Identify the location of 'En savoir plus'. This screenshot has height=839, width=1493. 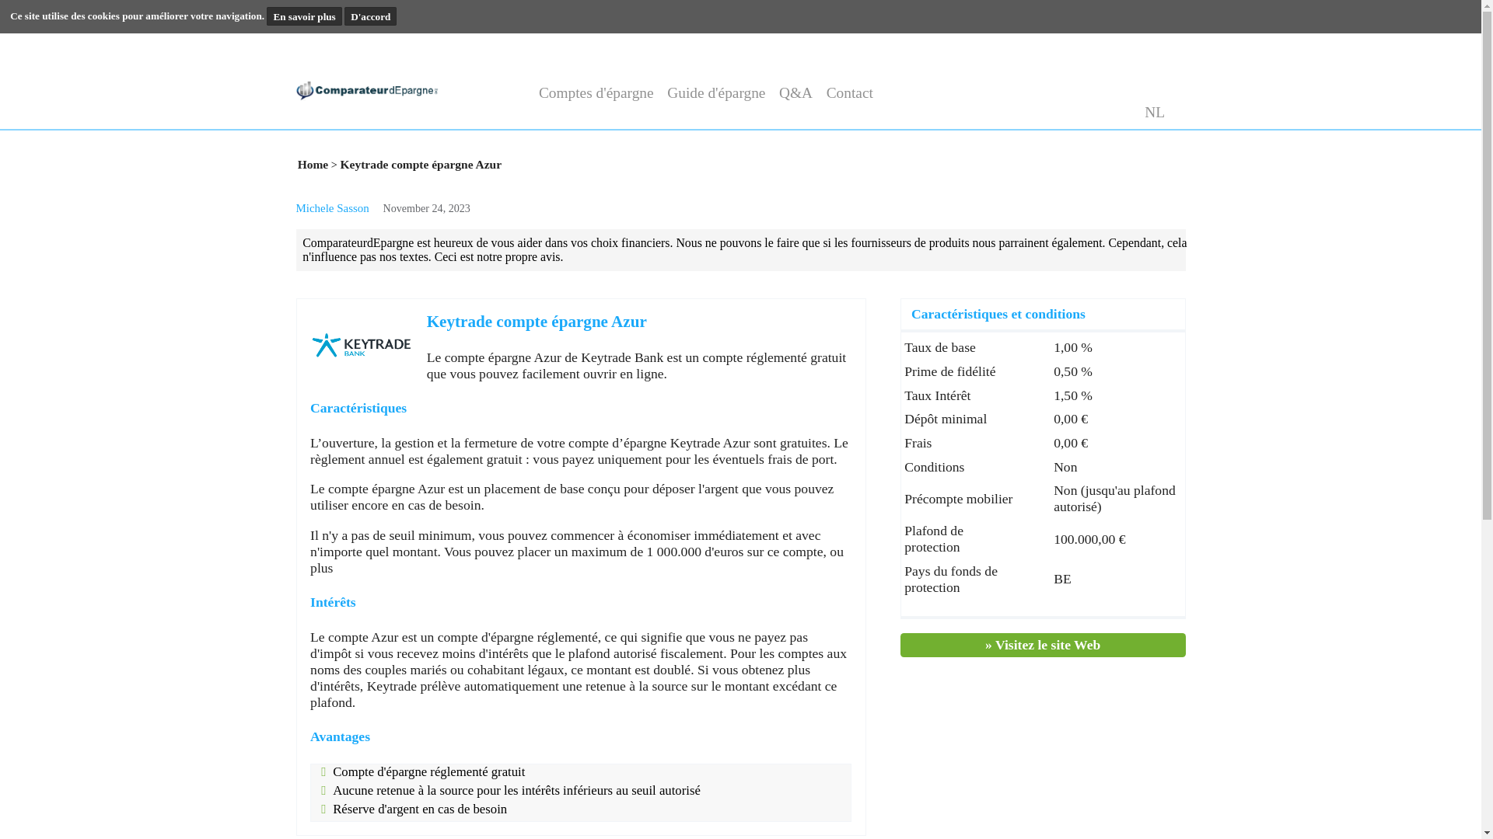
(345, 18).